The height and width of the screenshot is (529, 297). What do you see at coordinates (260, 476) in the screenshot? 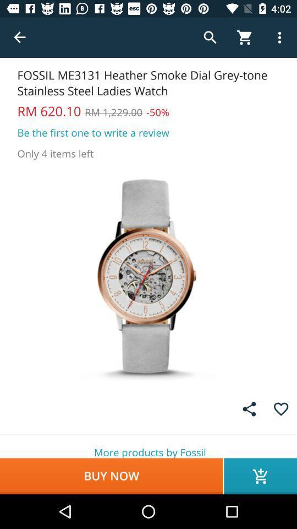
I see `the cart icon` at bounding box center [260, 476].